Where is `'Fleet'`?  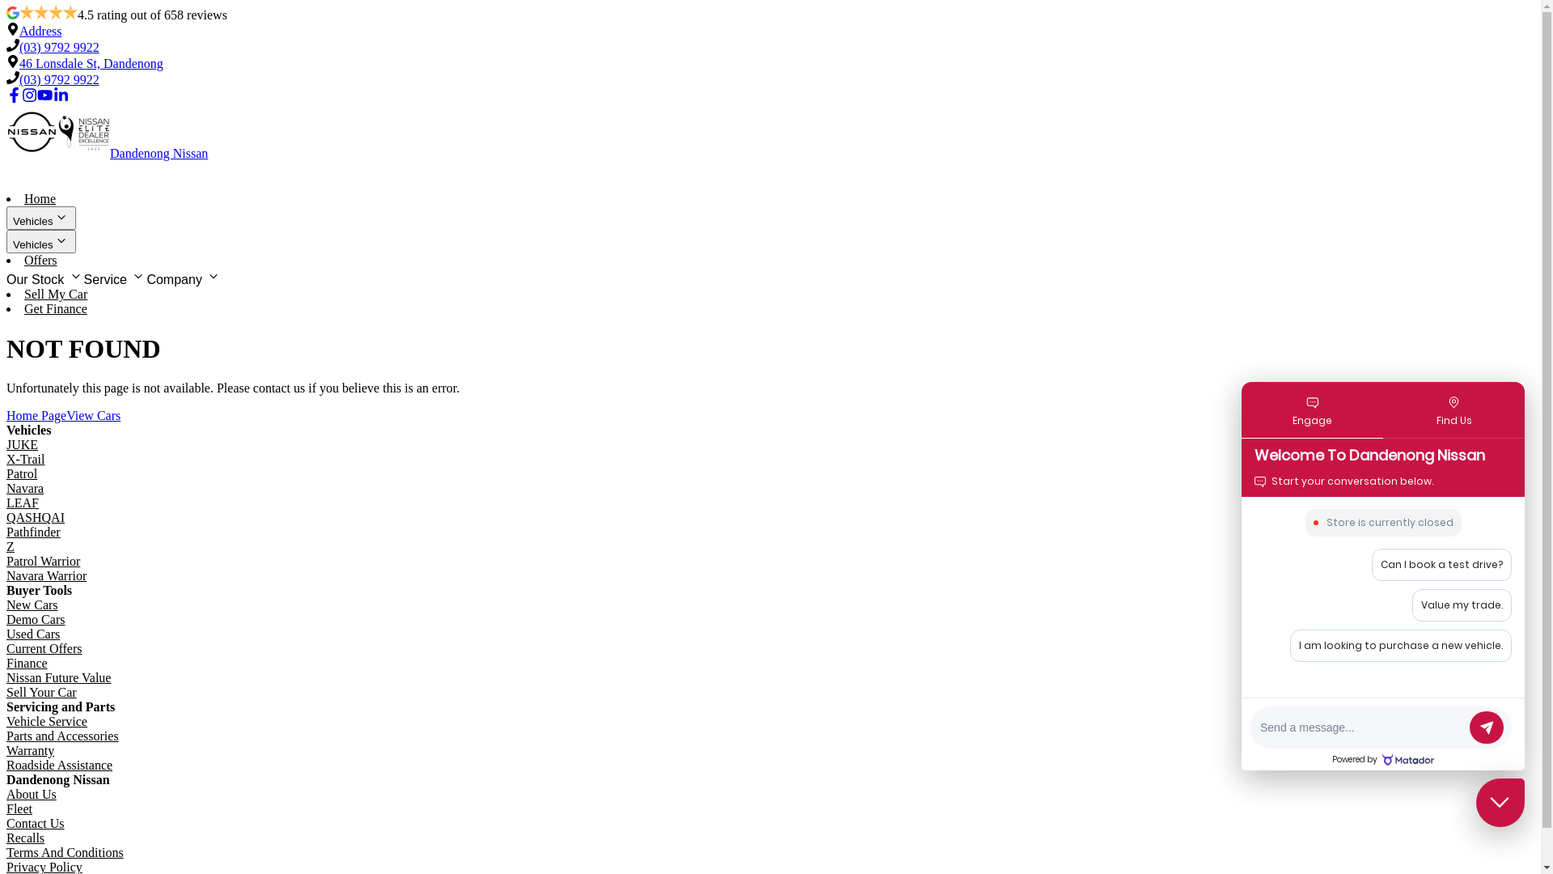
'Fleet' is located at coordinates (19, 808).